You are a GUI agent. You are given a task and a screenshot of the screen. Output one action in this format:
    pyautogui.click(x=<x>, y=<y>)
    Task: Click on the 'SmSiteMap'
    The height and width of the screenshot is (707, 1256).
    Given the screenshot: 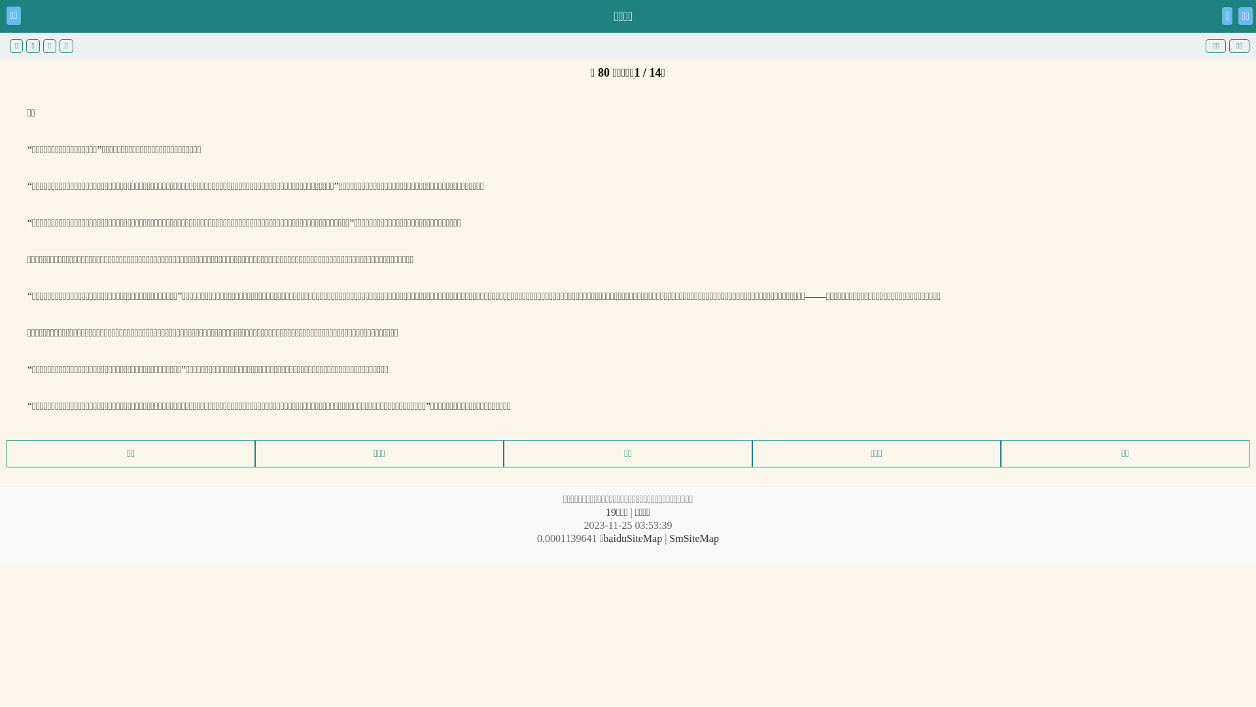 What is the action you would take?
    pyautogui.click(x=693, y=538)
    